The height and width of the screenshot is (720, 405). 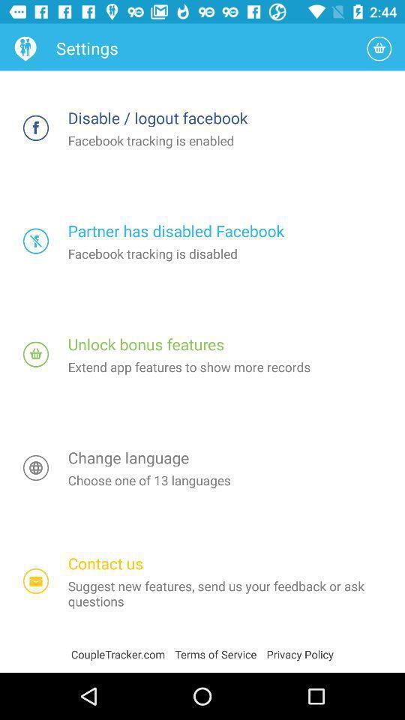 What do you see at coordinates (36, 241) in the screenshot?
I see `disable tracking` at bounding box center [36, 241].